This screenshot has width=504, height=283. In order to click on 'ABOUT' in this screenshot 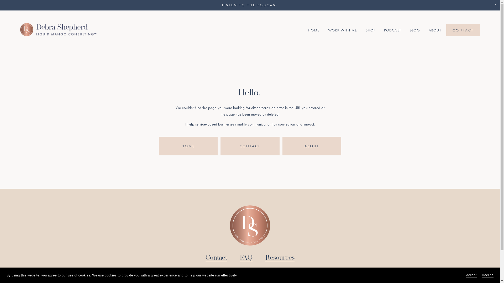, I will do `click(282, 146)`.